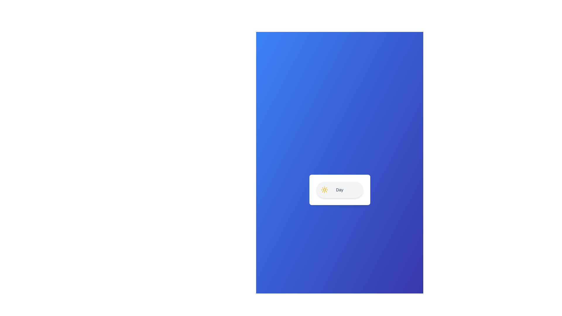  What do you see at coordinates (340, 190) in the screenshot?
I see `the toggle button to switch between Day and Night modes` at bounding box center [340, 190].